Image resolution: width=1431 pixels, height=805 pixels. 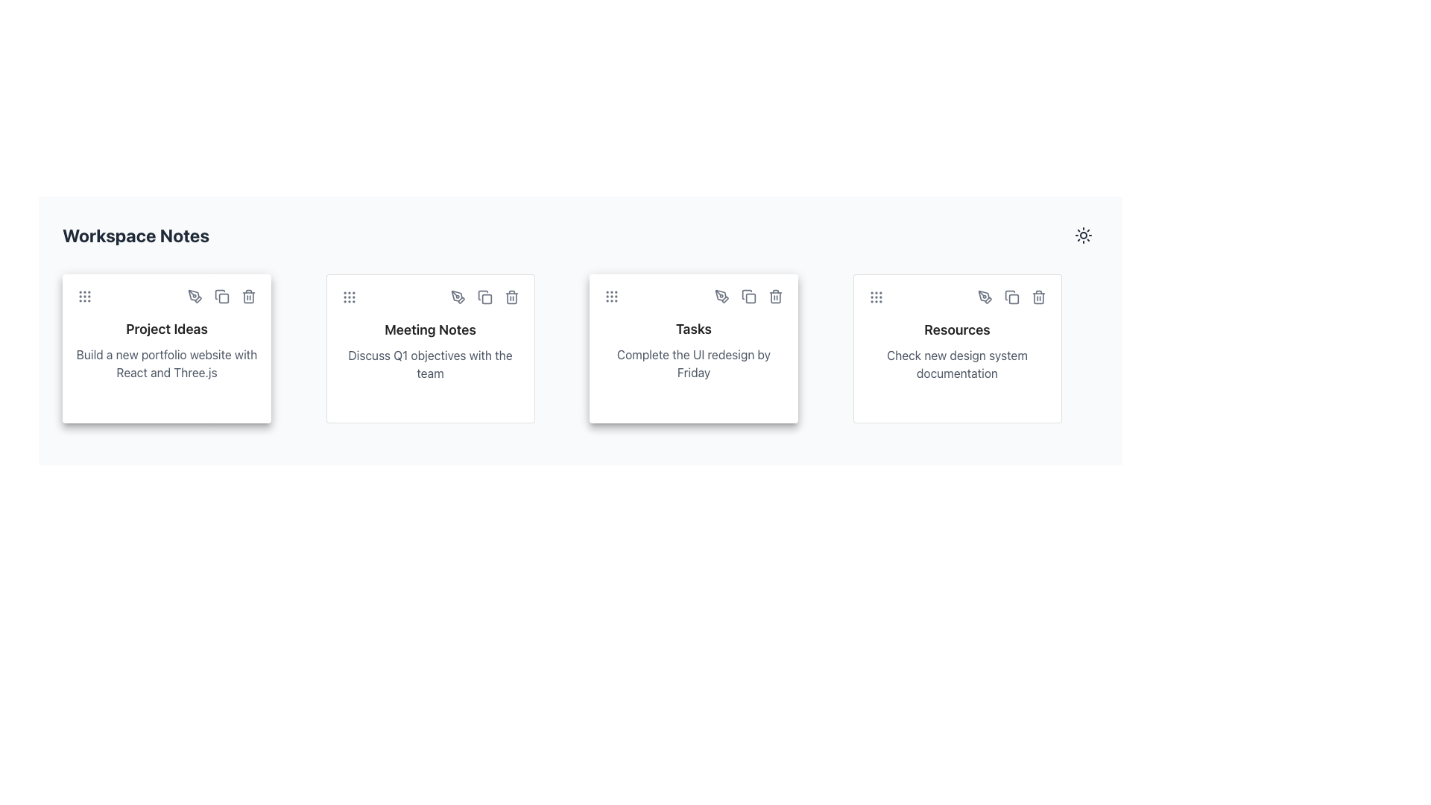 I want to click on the group of three interactive icons located at the top-right corner of the 'Project Ideas' card to perform related actions, so click(x=221, y=296).